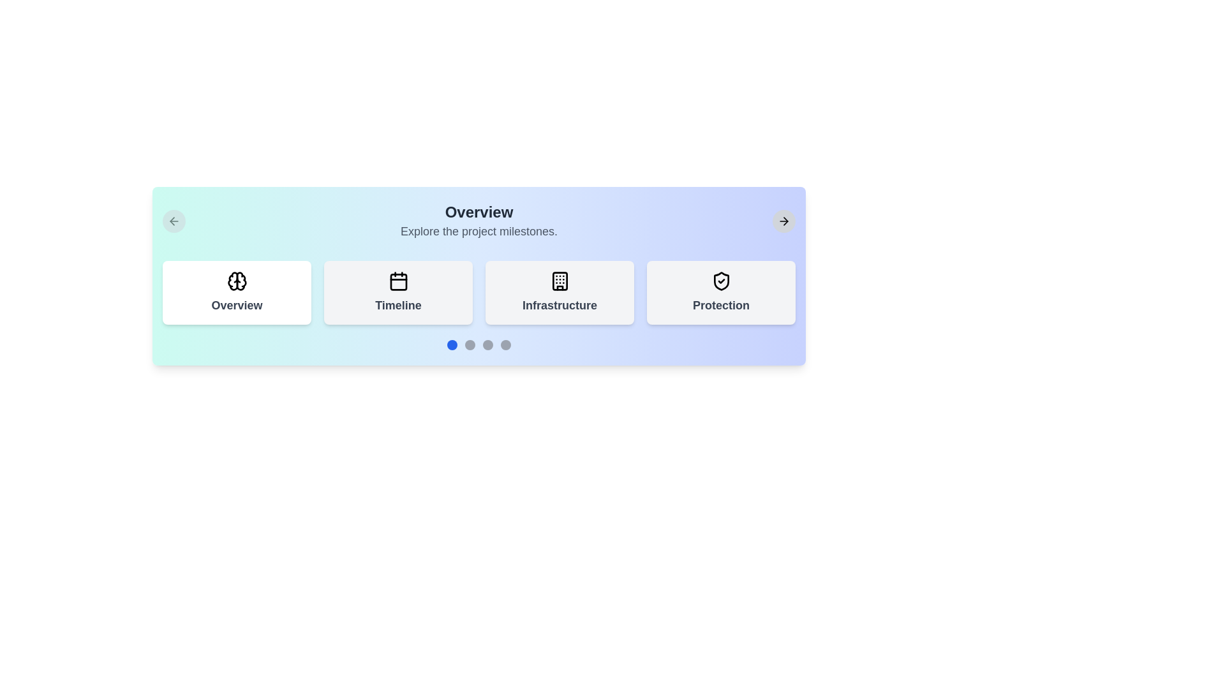 The image size is (1225, 689). Describe the element at coordinates (560, 280) in the screenshot. I see `the Icon representing a building, which is located in the third card of a four-card interface under the heading 'Infrastructure'` at that location.